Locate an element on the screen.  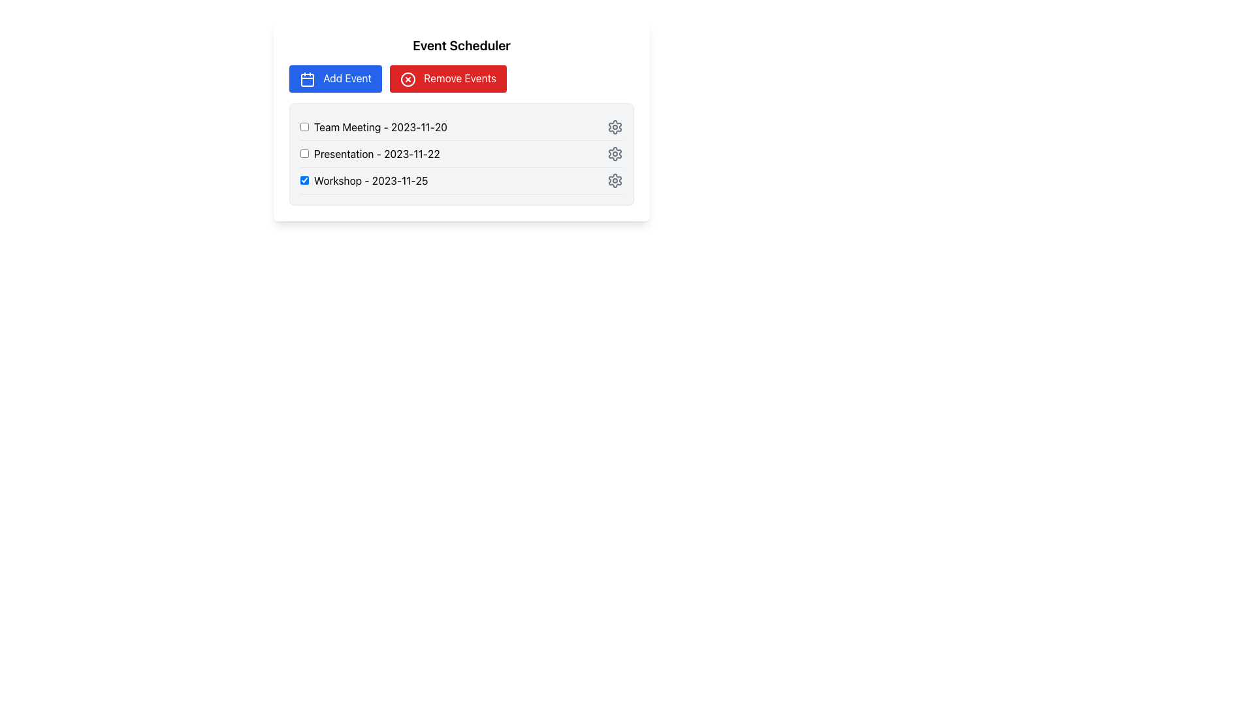
the gear-shaped settings icon located to the far right of the 'Team Meeting - 2023-11-20' text is located at coordinates (614, 126).